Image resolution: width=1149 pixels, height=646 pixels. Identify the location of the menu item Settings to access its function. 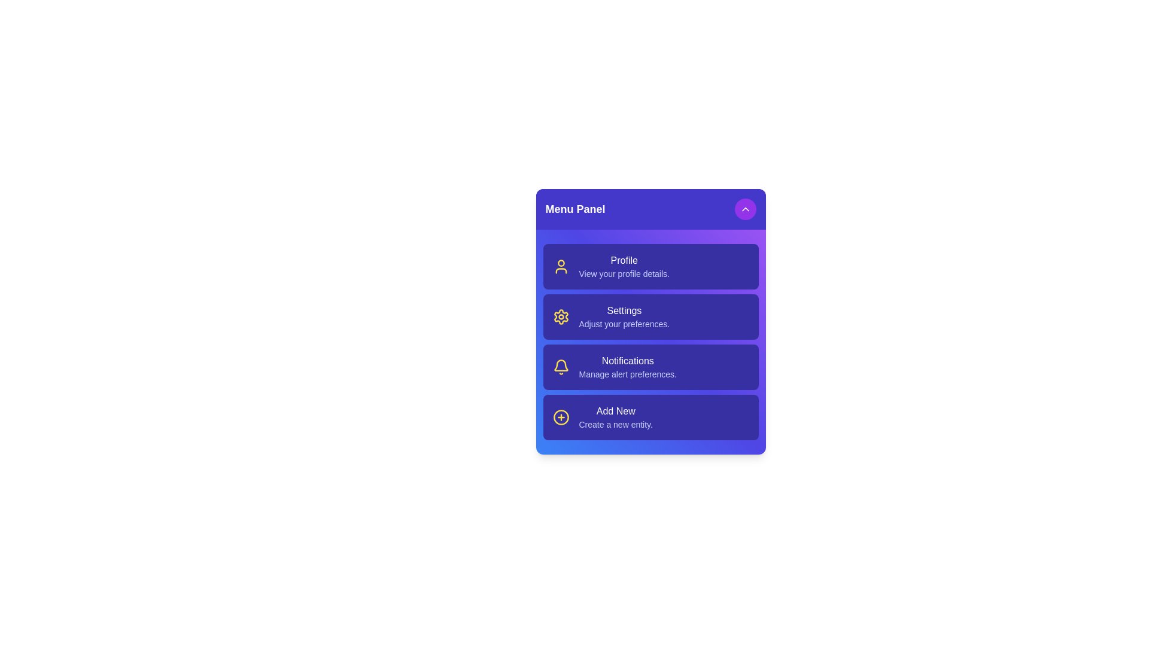
(650, 316).